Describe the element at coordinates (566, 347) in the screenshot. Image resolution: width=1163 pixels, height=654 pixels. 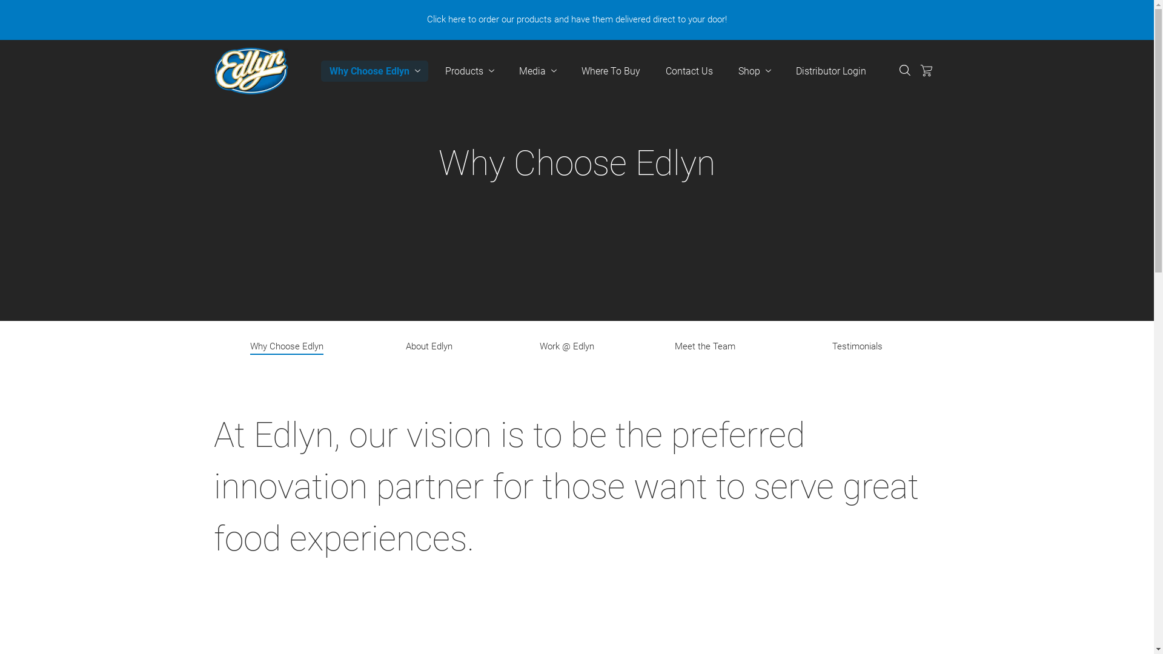
I see `'Work @ Edlyn'` at that location.